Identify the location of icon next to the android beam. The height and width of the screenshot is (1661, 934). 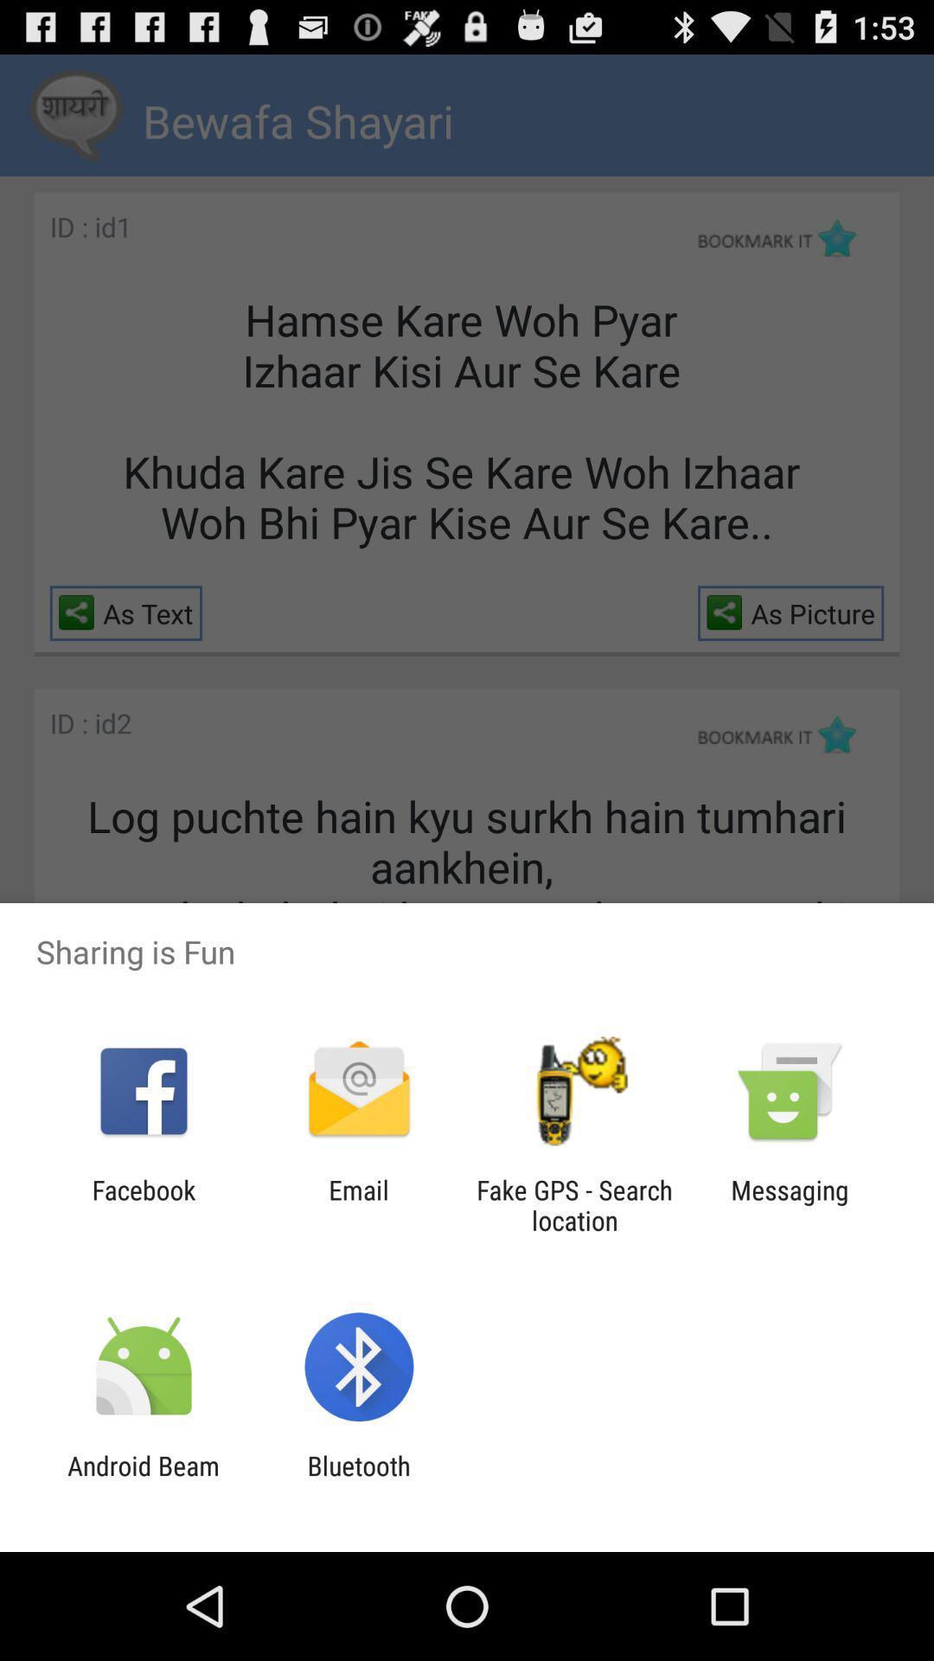
(358, 1480).